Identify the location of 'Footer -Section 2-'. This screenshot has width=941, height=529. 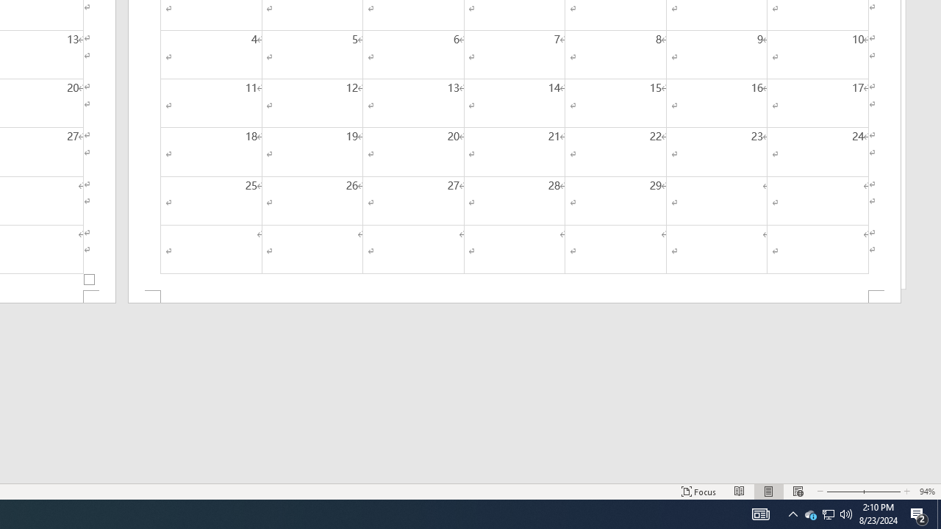
(515, 297).